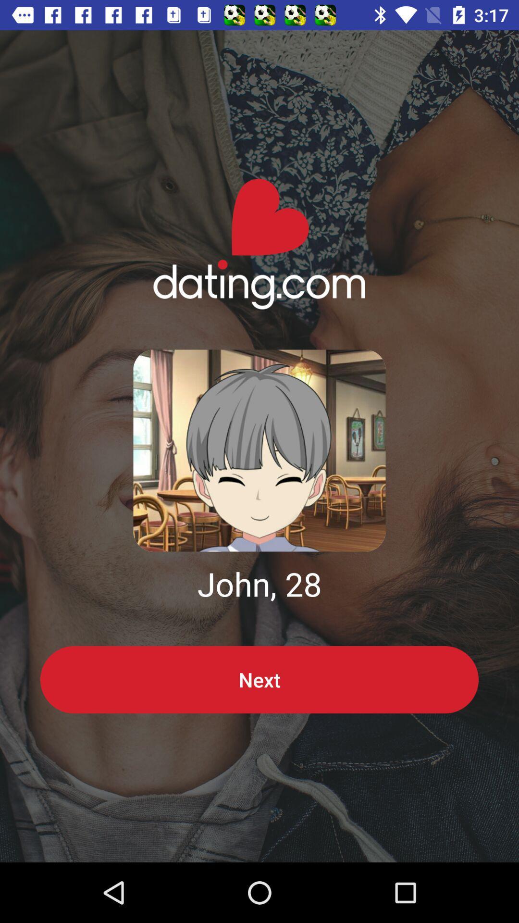  Describe the element at coordinates (259, 450) in the screenshot. I see `profile photo` at that location.